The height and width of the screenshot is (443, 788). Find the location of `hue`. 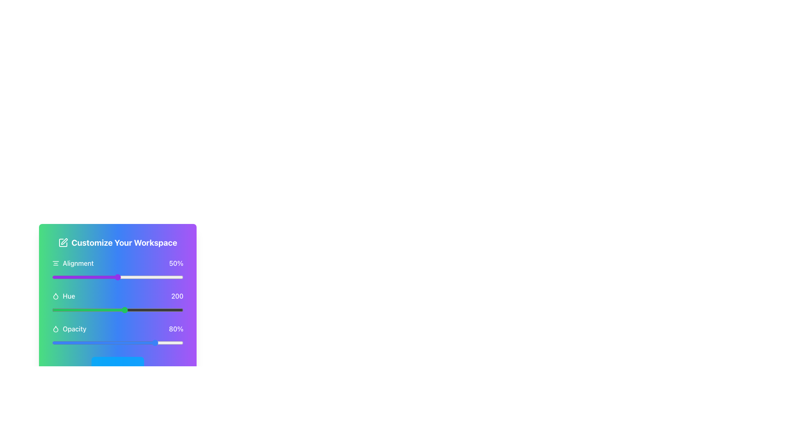

hue is located at coordinates (121, 310).